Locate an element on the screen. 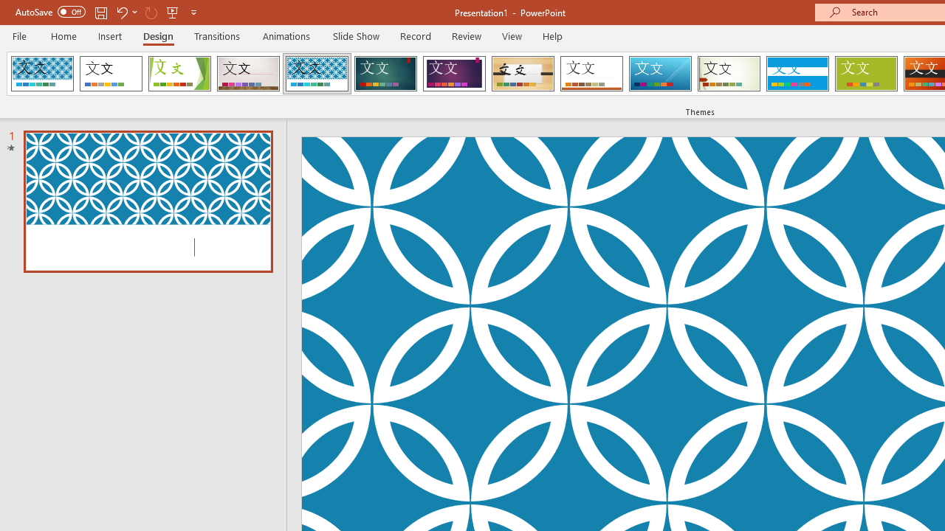  'Office Theme' is located at coordinates (110, 74).